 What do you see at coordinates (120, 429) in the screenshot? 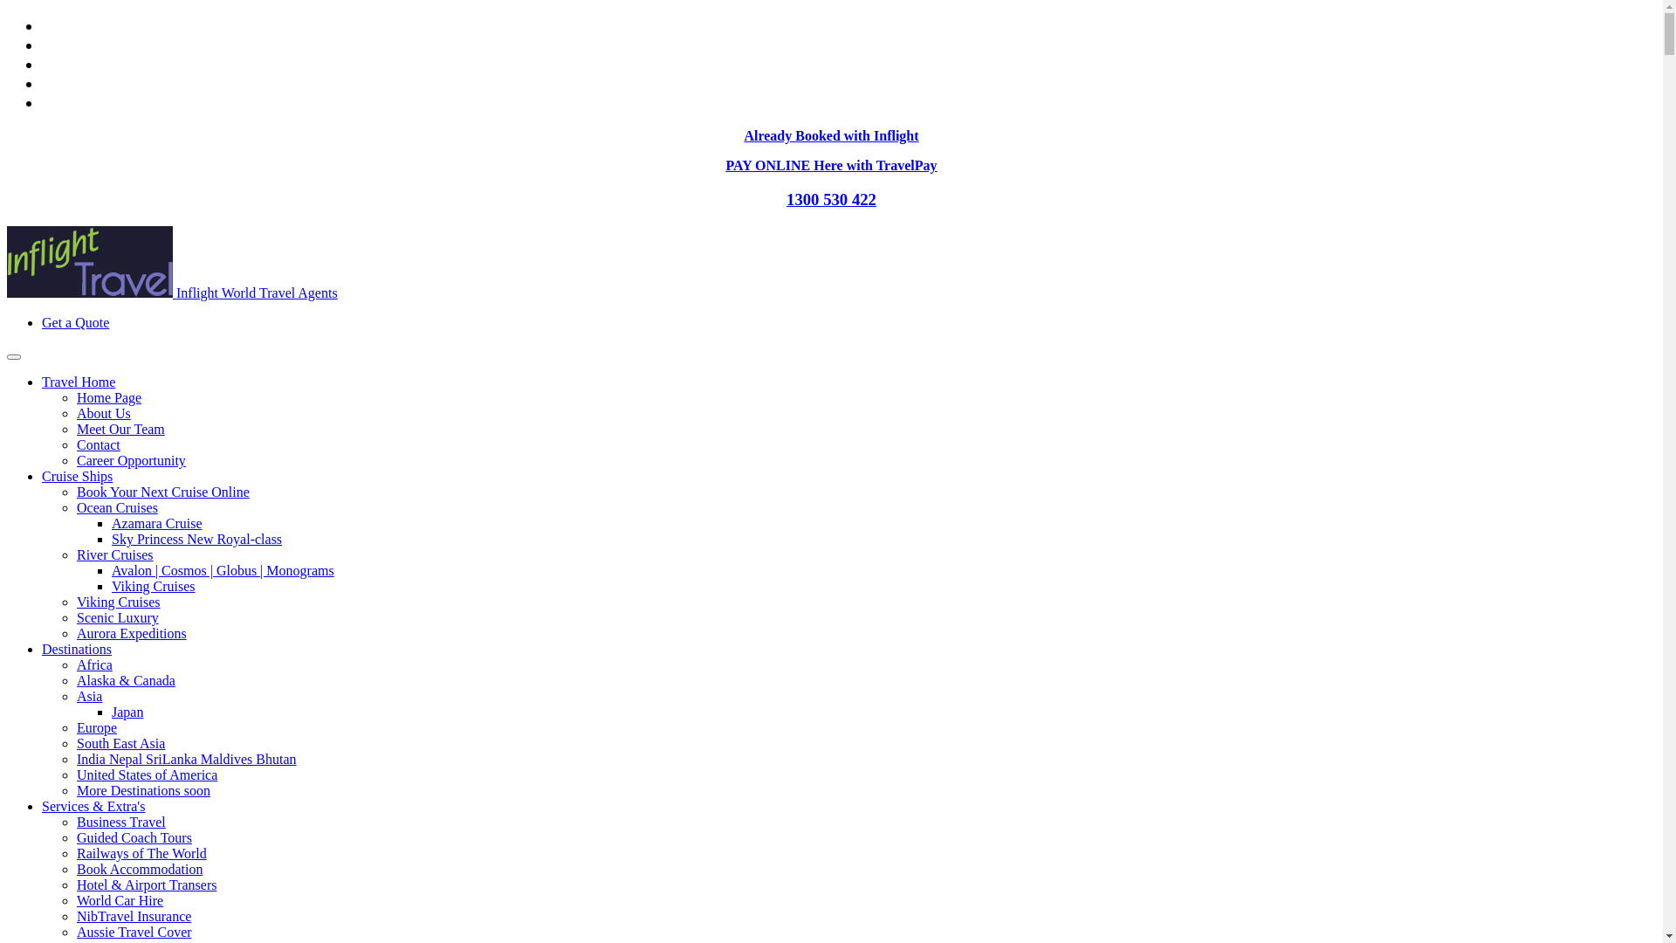
I see `'Meet Our Team'` at bounding box center [120, 429].